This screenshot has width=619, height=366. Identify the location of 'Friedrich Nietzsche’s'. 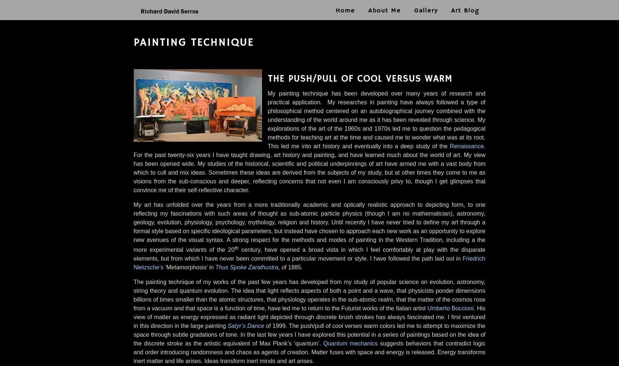
(133, 262).